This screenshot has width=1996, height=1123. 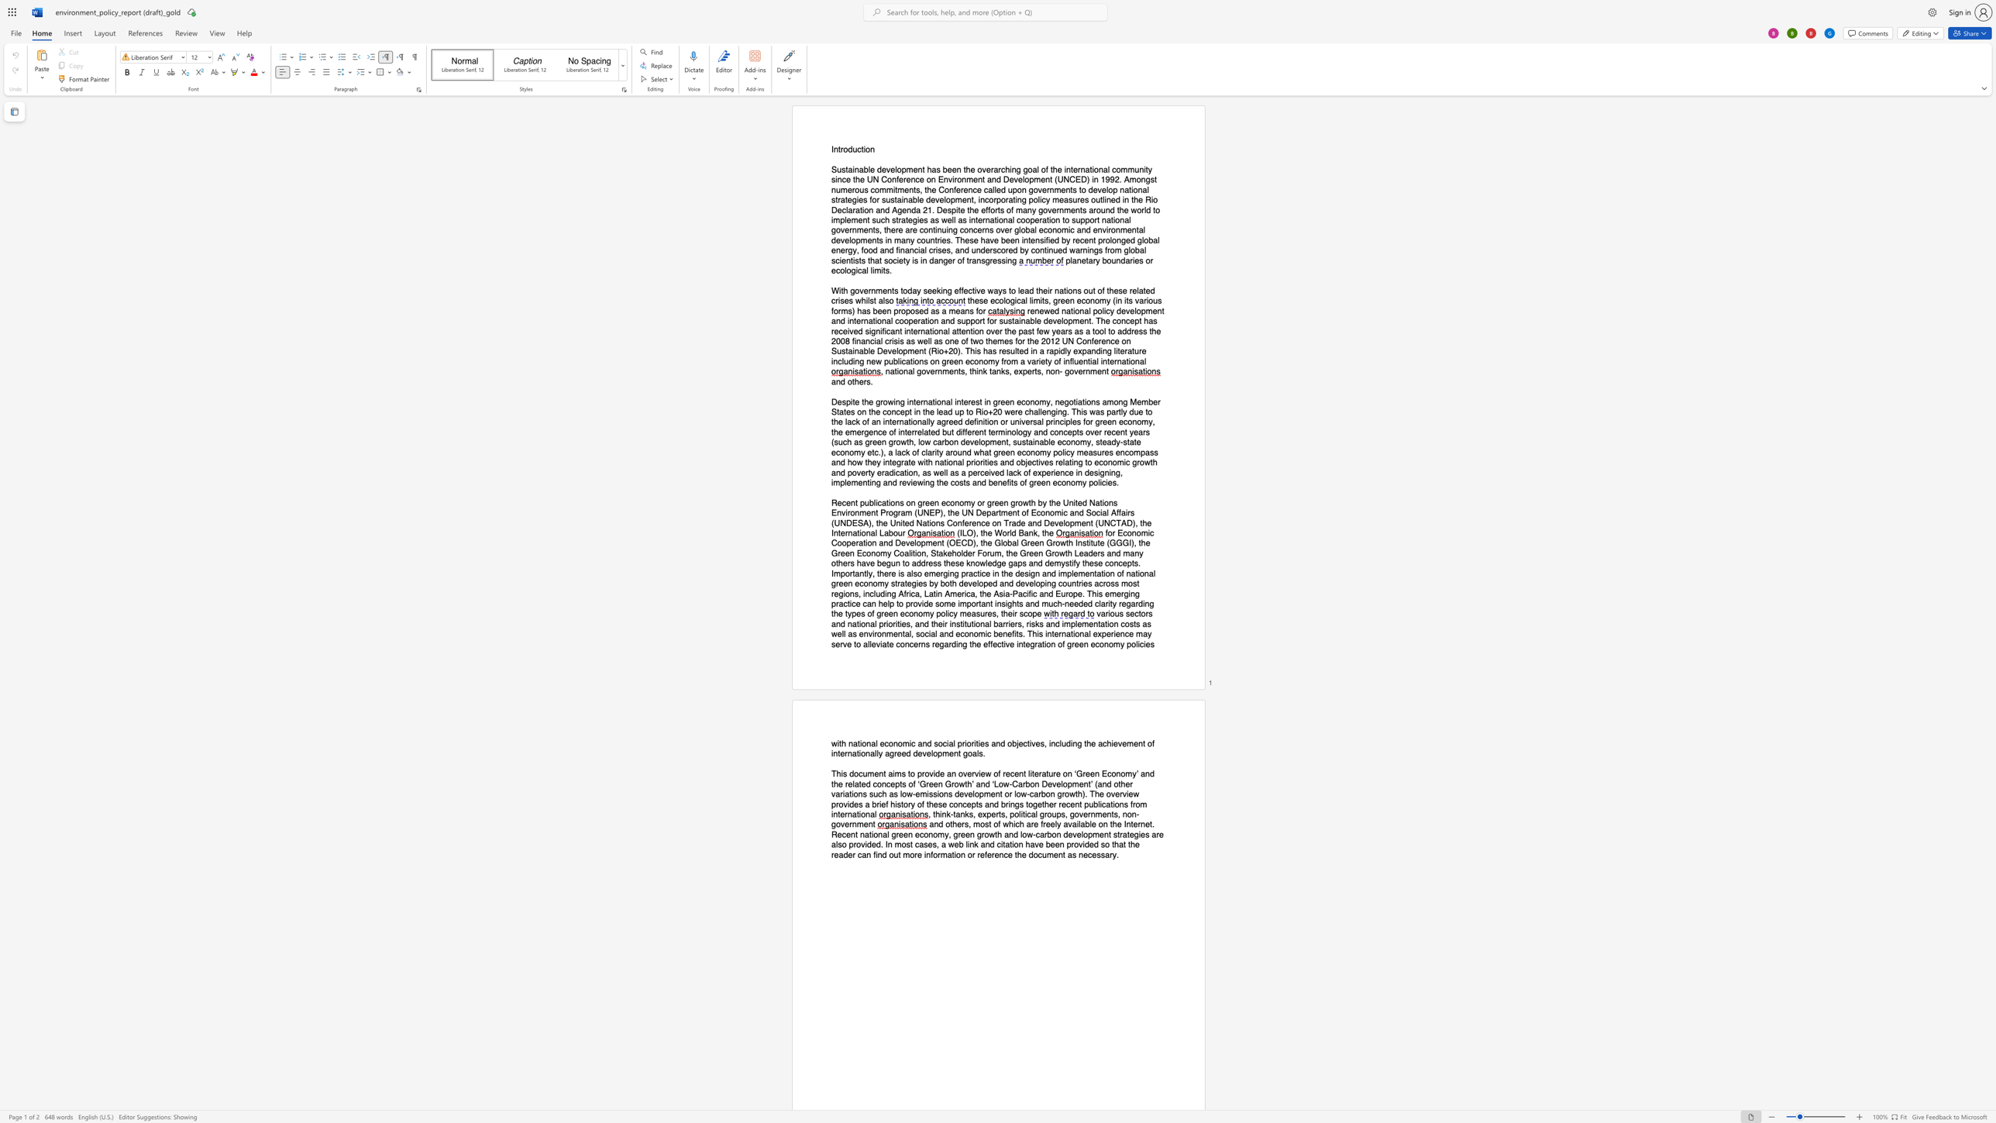 I want to click on the 2th character "f" in the text, so click(x=991, y=643).